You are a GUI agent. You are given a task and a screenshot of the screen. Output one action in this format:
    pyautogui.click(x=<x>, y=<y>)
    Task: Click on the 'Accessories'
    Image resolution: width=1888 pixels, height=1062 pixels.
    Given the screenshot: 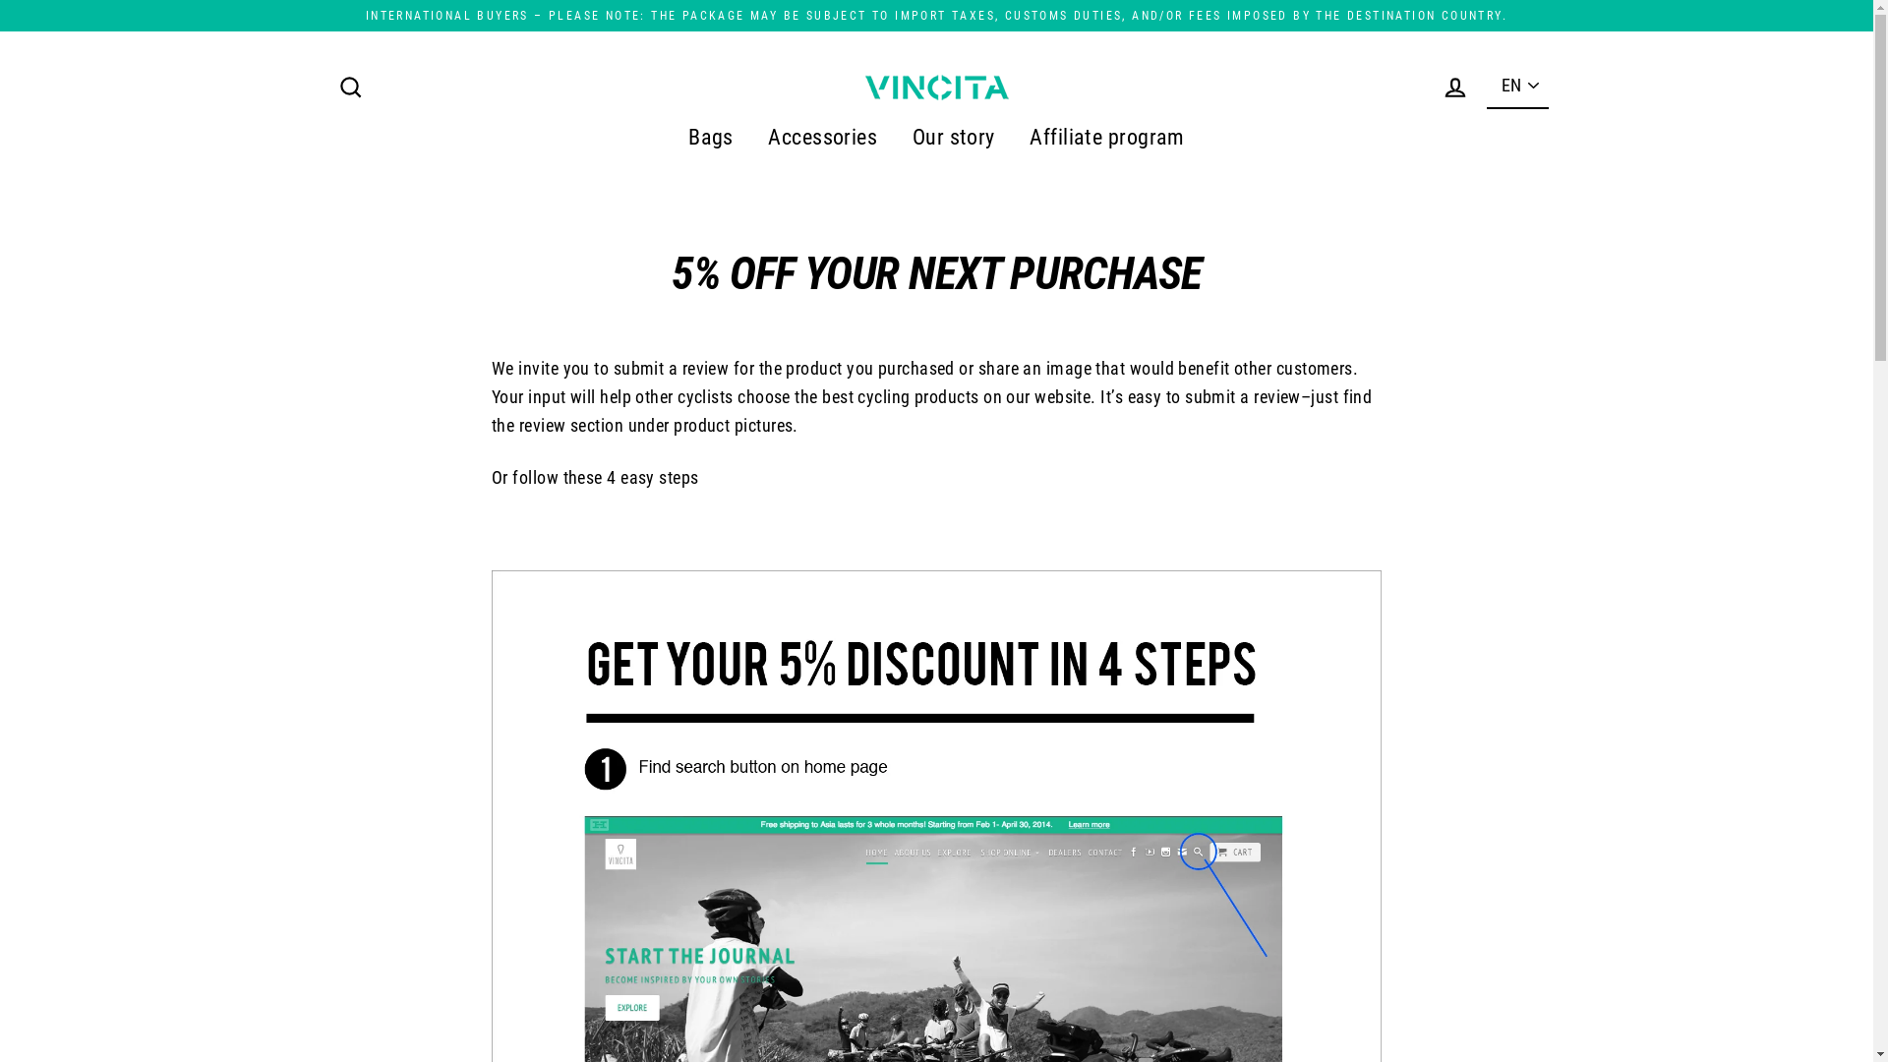 What is the action you would take?
    pyautogui.click(x=752, y=136)
    